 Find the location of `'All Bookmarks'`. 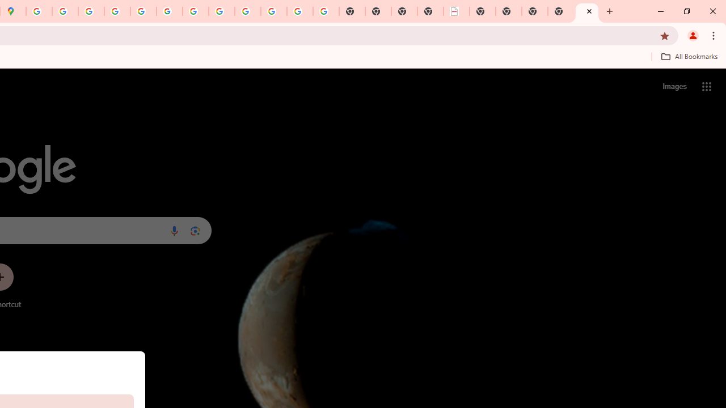

'All Bookmarks' is located at coordinates (689, 56).